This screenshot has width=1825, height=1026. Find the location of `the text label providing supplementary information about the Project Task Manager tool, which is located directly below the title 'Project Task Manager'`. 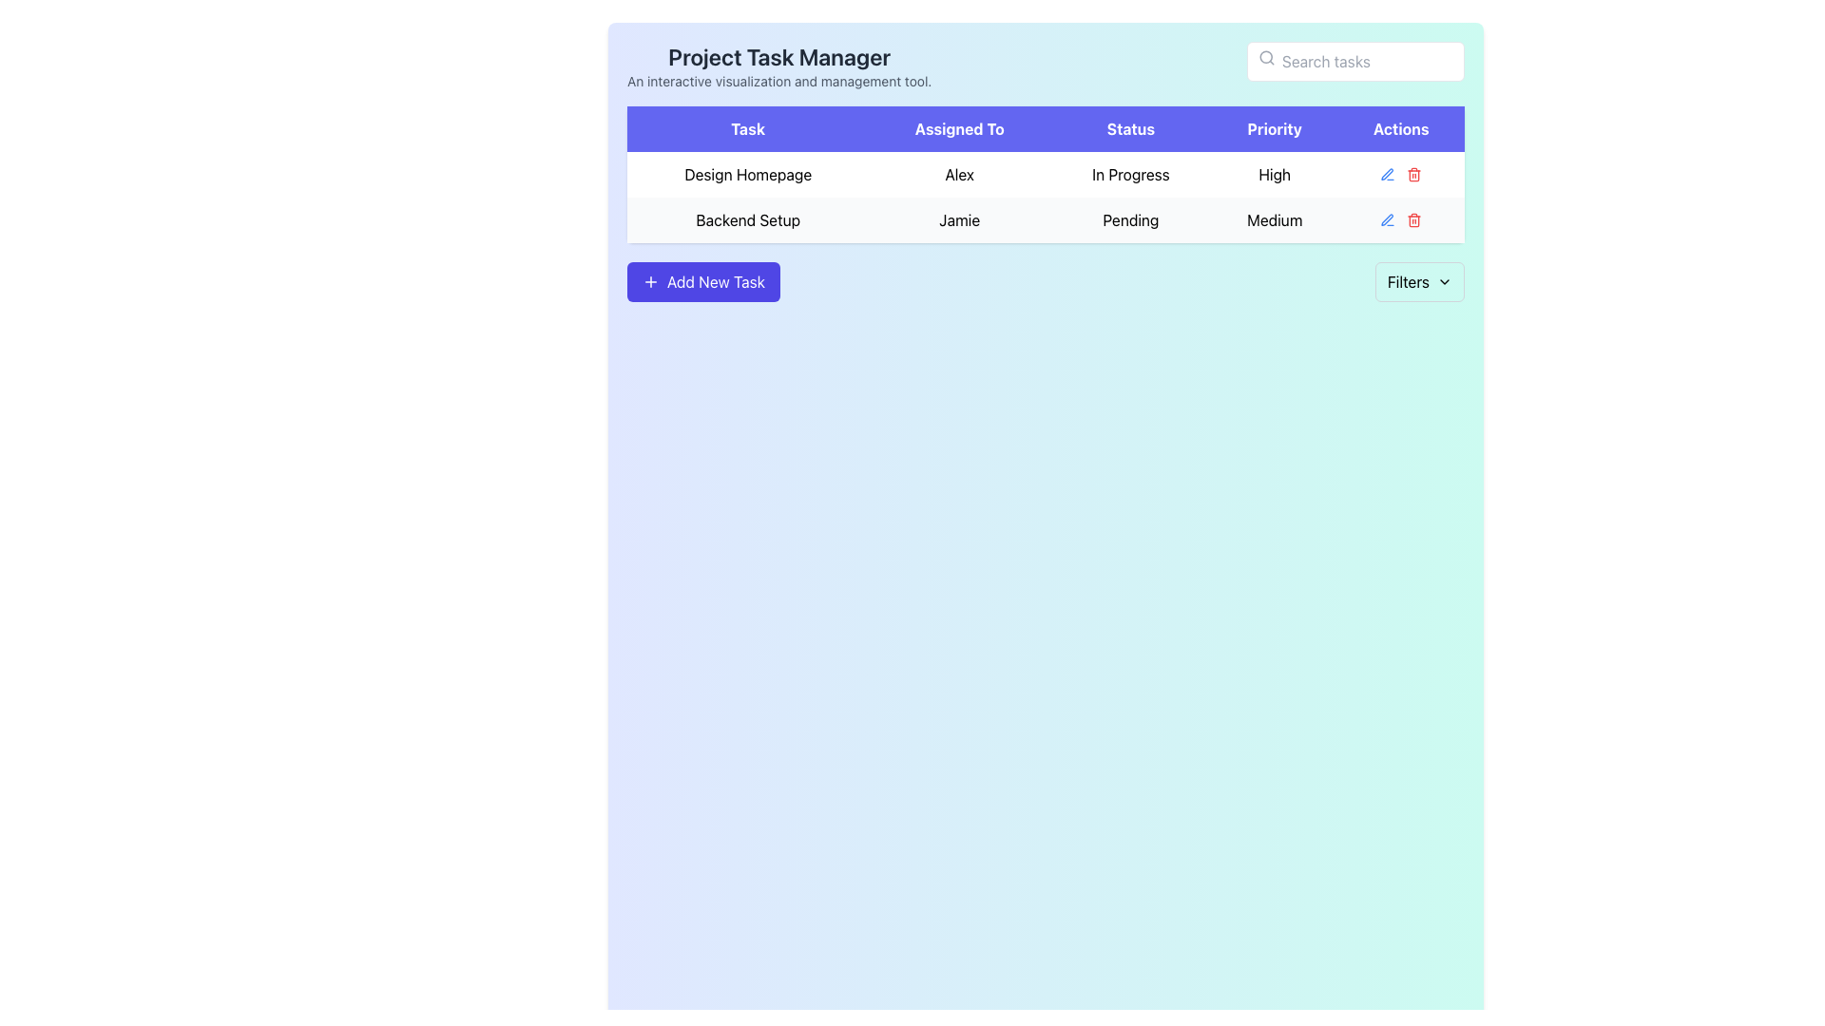

the text label providing supplementary information about the Project Task Manager tool, which is located directly below the title 'Project Task Manager' is located at coordinates (779, 80).